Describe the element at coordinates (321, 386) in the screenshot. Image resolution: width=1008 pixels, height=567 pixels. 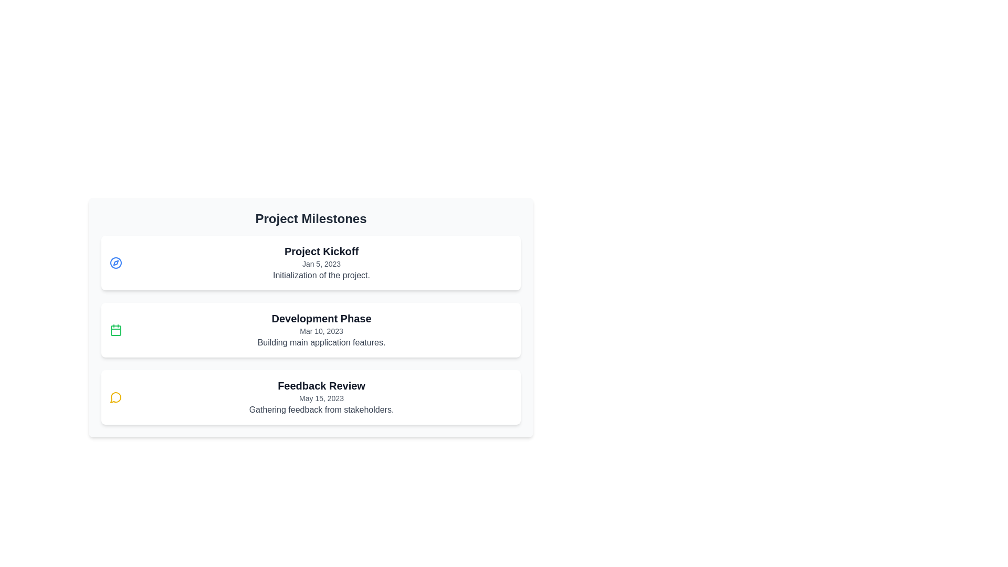
I see `the 'Feedback Review' text label, which is styled as a bold and large font title within the Project Milestones section` at that location.